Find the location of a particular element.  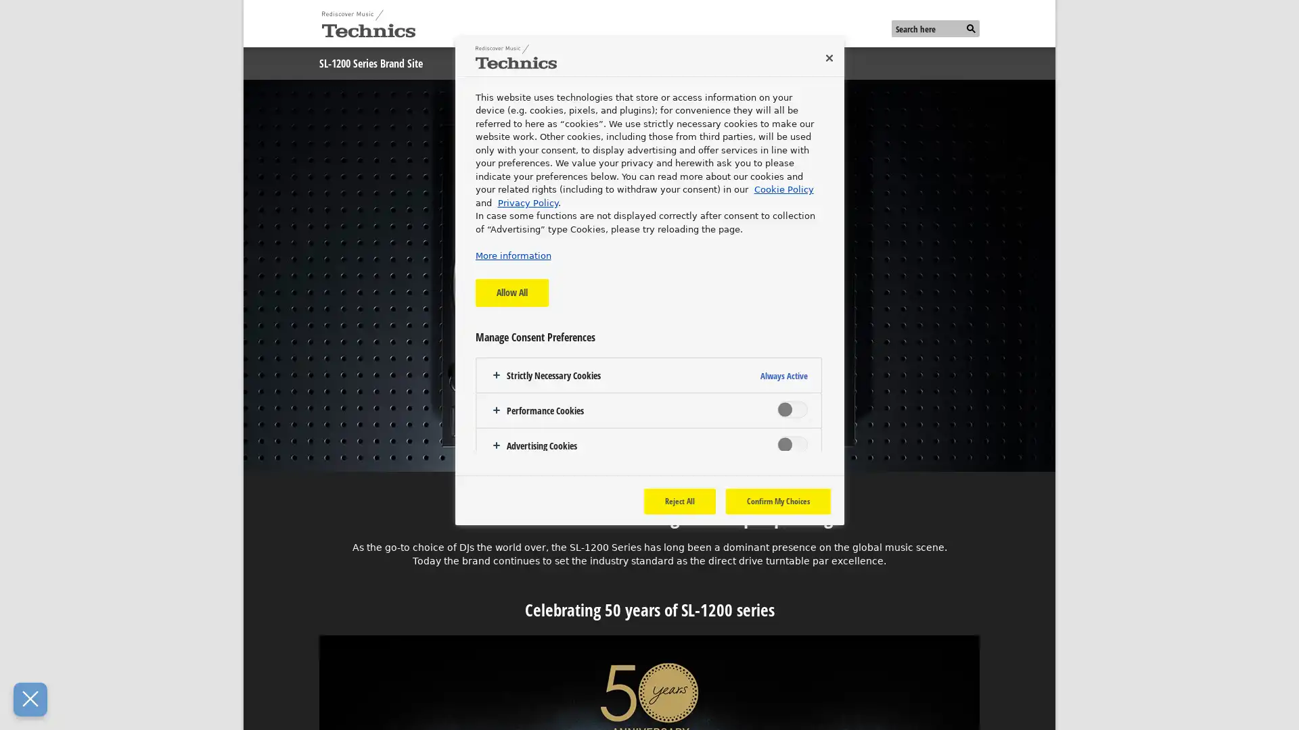

Confirm My Choices is located at coordinates (777, 501).